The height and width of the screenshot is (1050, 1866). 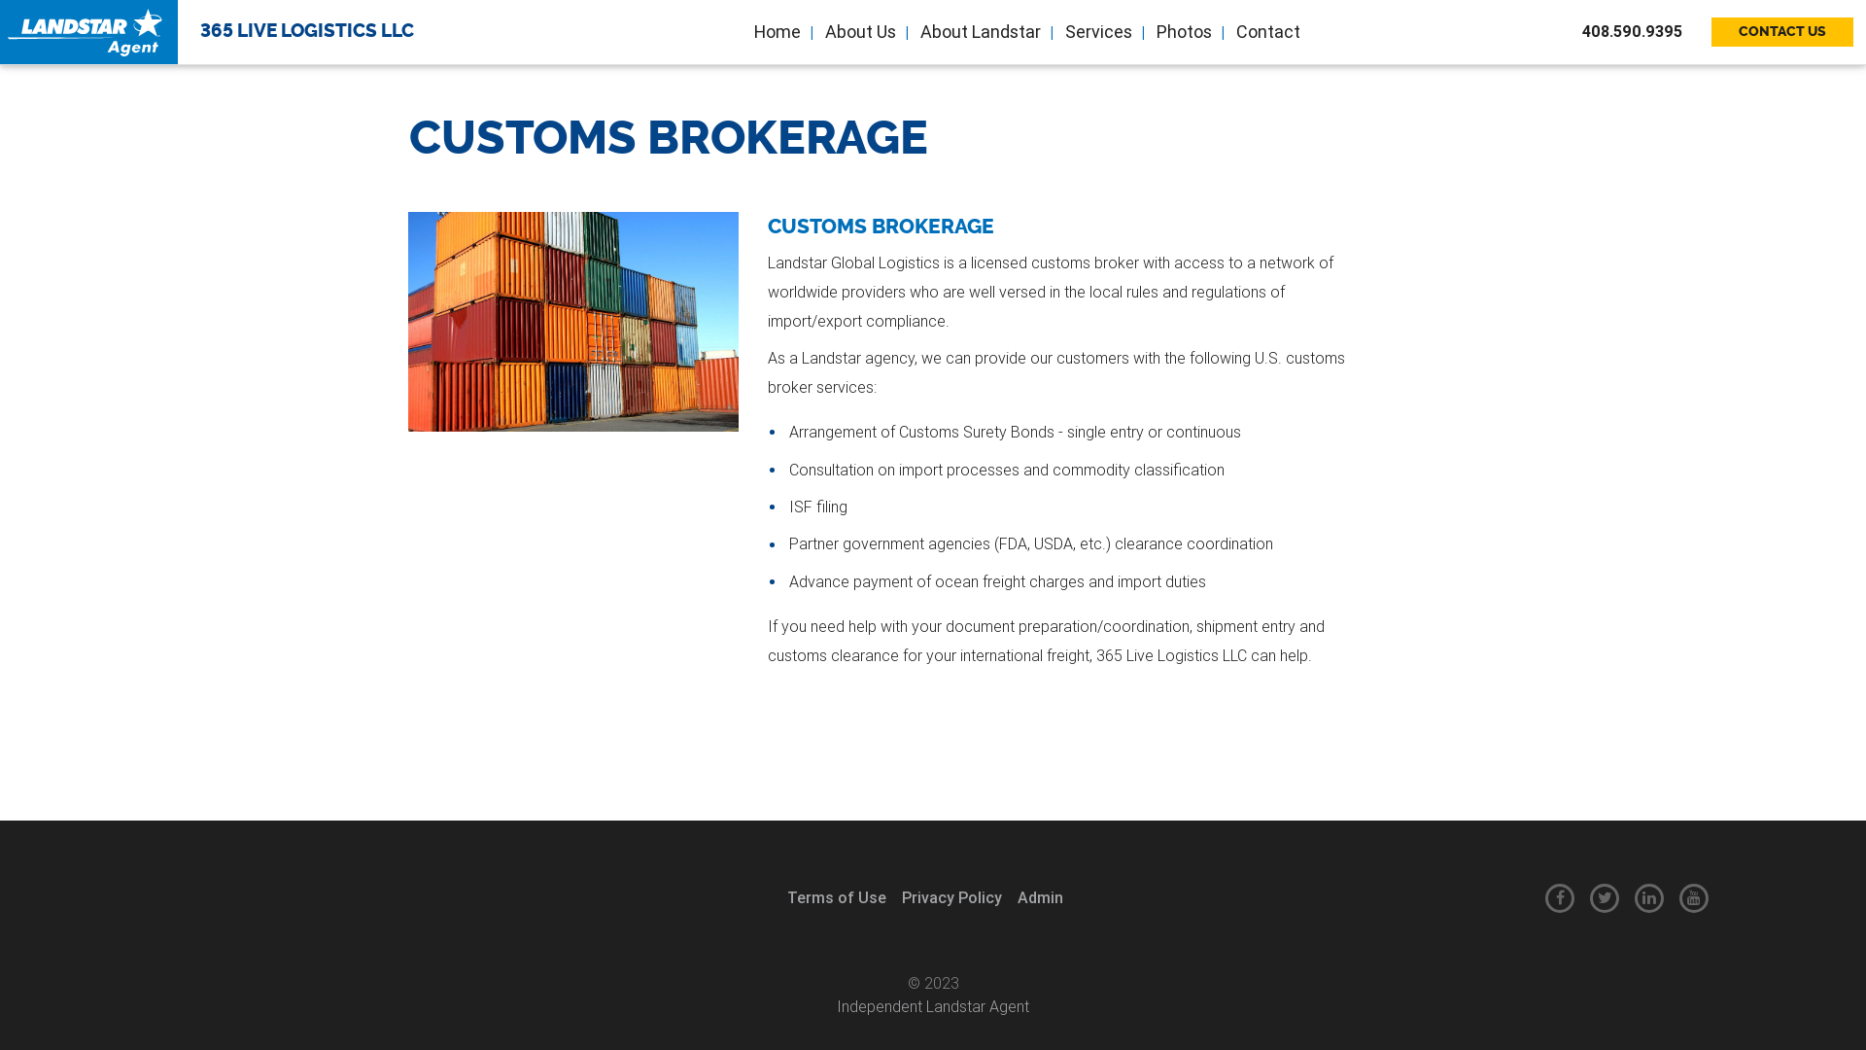 What do you see at coordinates (1559, 898) in the screenshot?
I see `'facebook'` at bounding box center [1559, 898].